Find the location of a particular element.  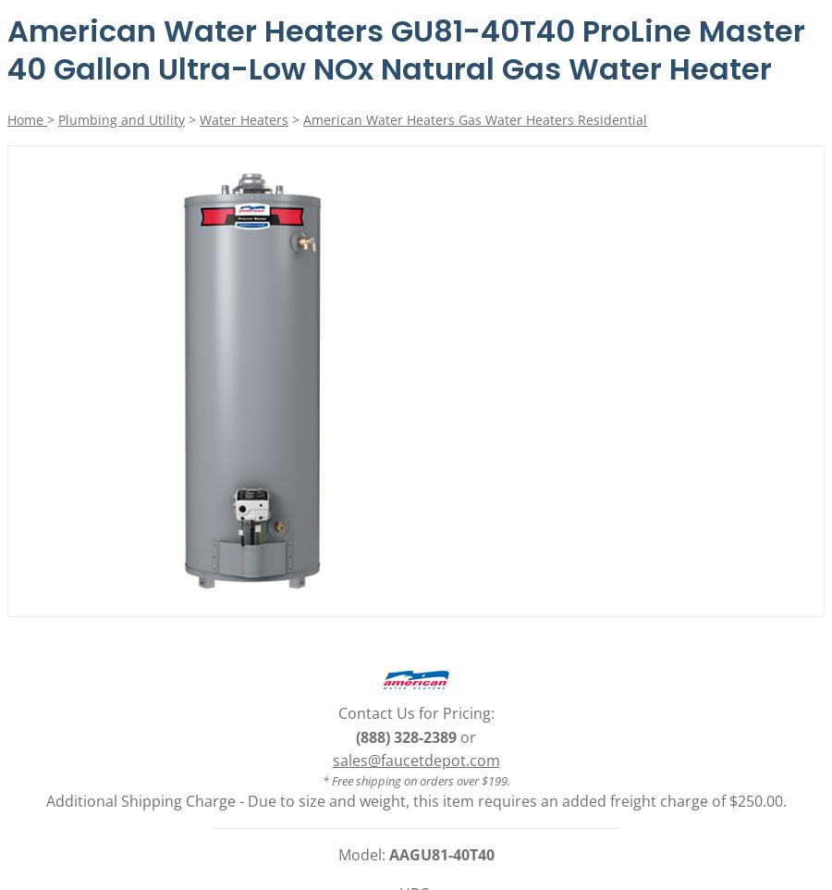

'* Free shipping on orders over $199.' is located at coordinates (415, 780).